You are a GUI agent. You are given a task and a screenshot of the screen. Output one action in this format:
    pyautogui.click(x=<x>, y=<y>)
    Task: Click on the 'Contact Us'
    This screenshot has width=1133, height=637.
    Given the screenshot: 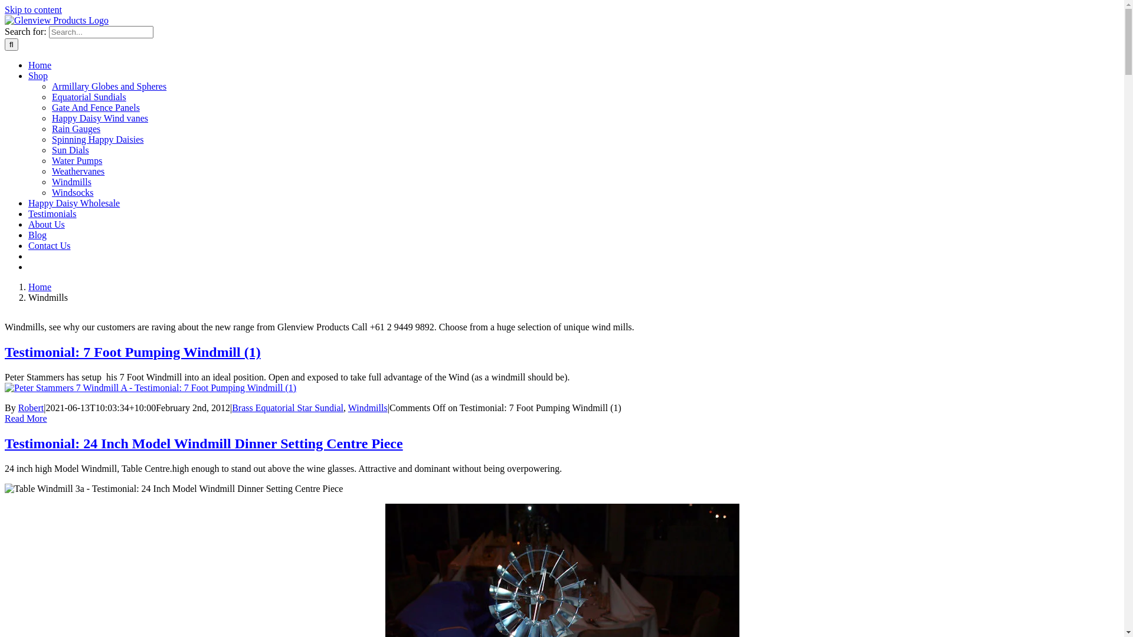 What is the action you would take?
    pyautogui.click(x=48, y=245)
    